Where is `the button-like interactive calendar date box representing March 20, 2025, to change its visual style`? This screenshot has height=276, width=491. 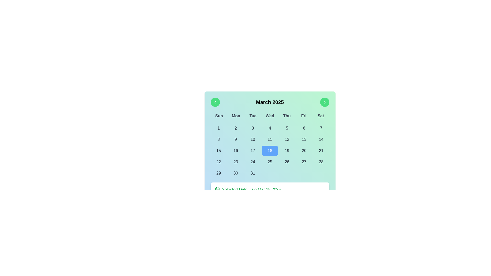 the button-like interactive calendar date box representing March 20, 2025, to change its visual style is located at coordinates (304, 151).